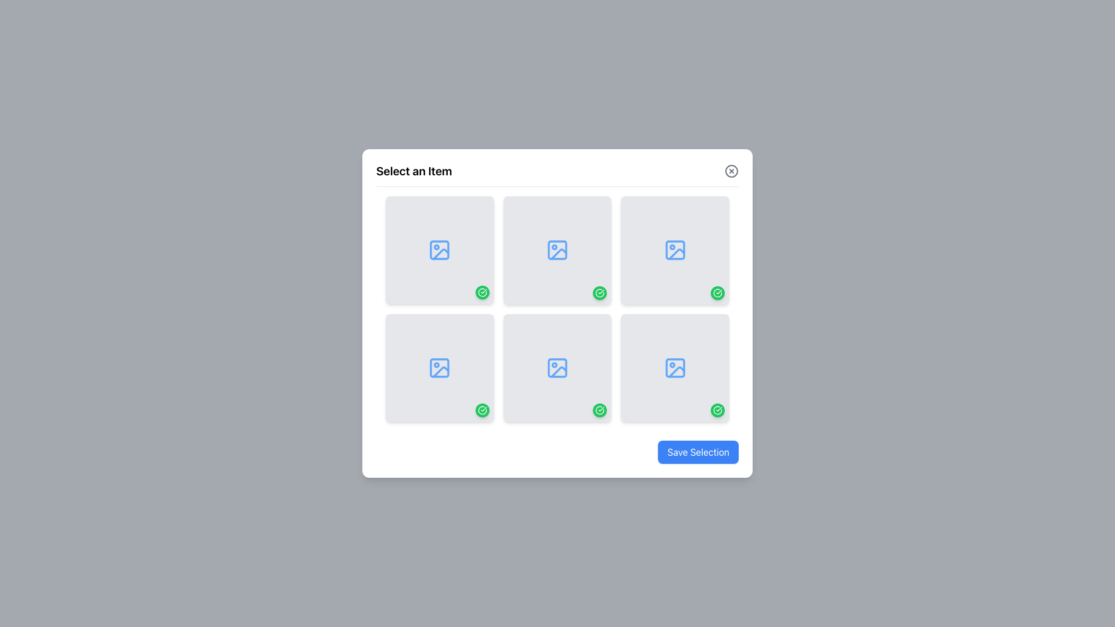 The width and height of the screenshot is (1115, 627). I want to click on the close button located in the top-right corner of the 'Select an Item' dialog to change its appearance, so click(731, 170).